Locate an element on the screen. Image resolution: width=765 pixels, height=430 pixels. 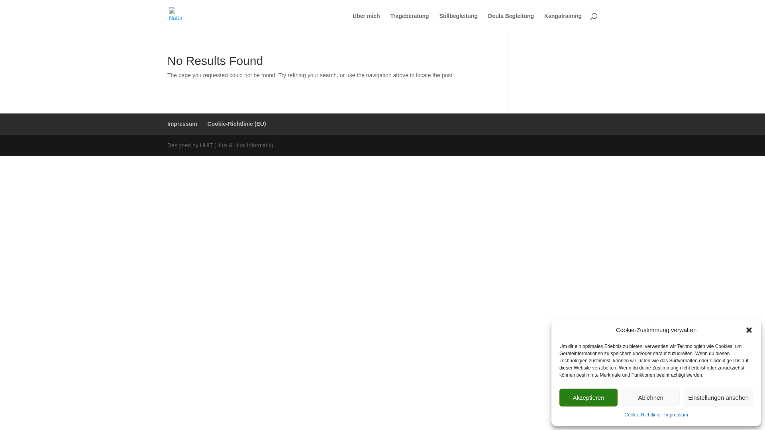
'Doula Begleitung' is located at coordinates (511, 22).